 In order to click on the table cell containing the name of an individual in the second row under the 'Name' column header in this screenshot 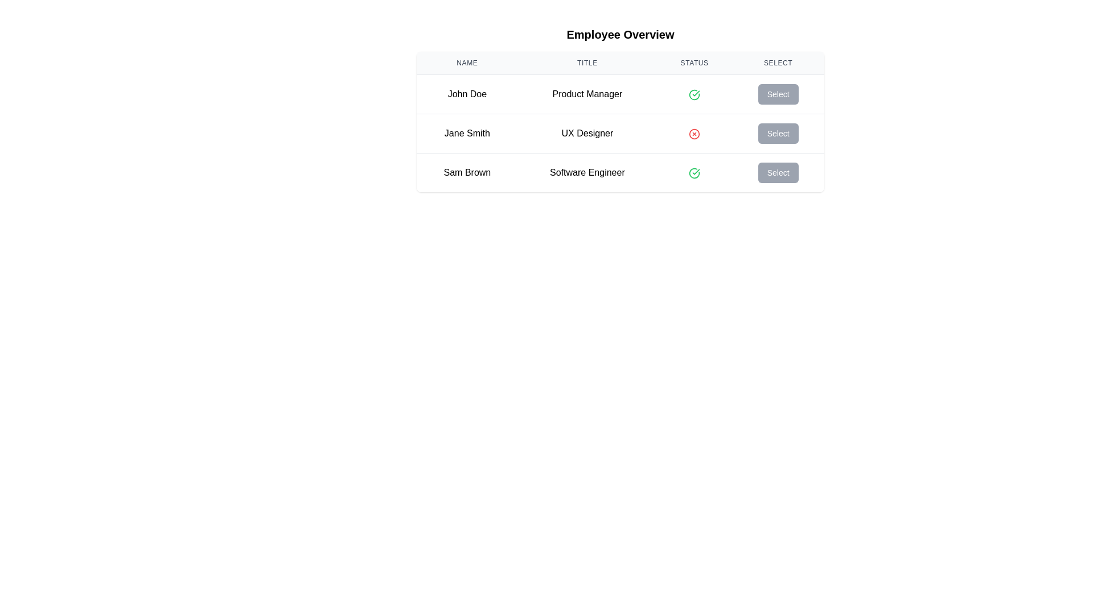, I will do `click(467, 133)`.